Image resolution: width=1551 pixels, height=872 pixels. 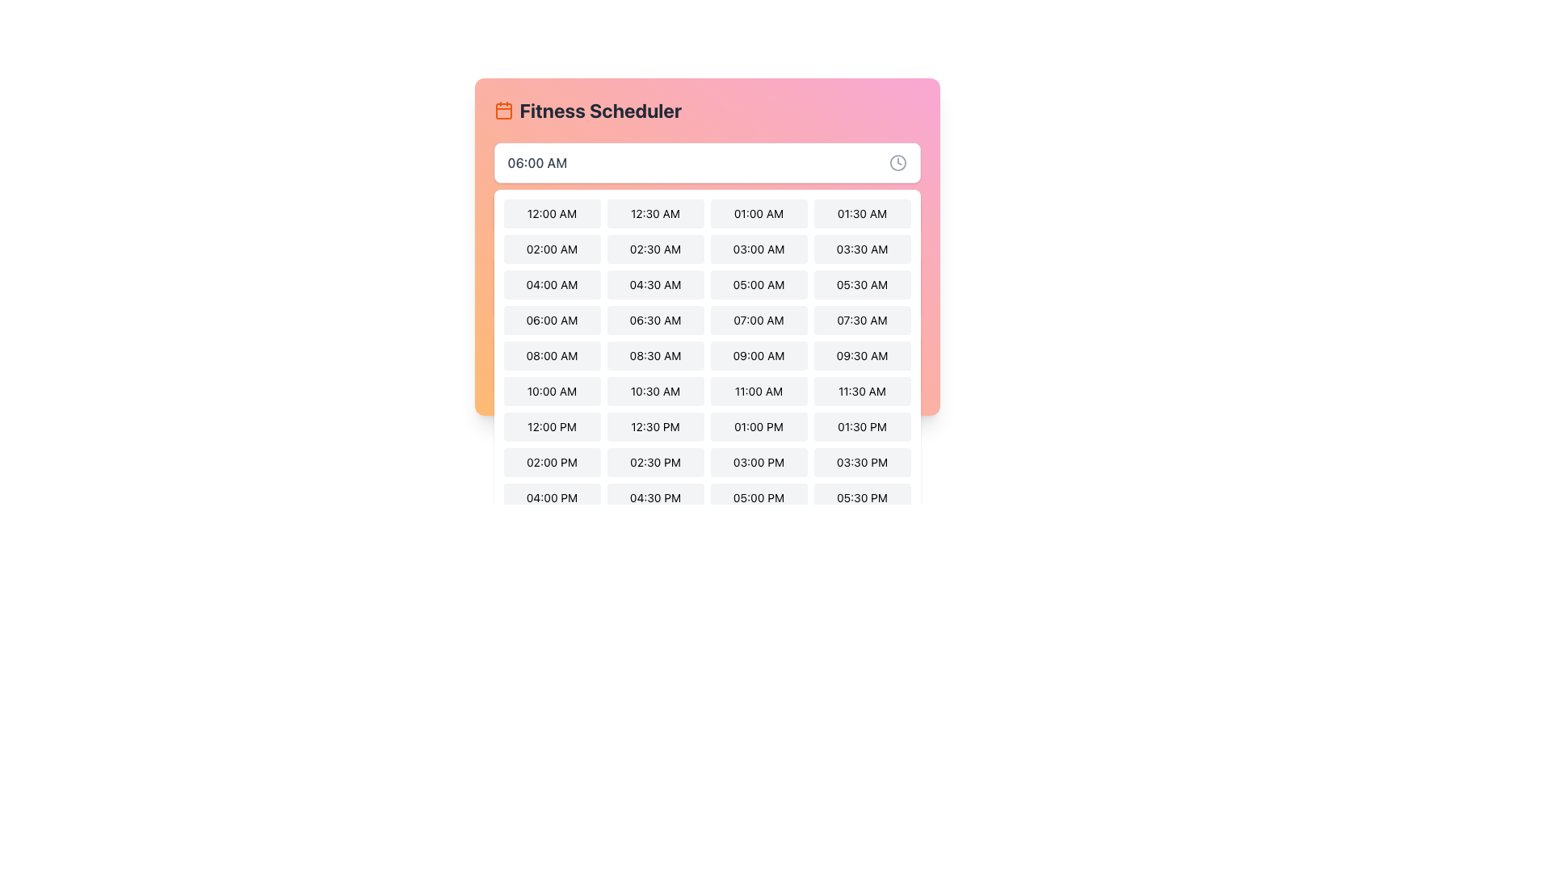 What do you see at coordinates (861, 497) in the screenshot?
I see `the button in the 4th column of the 9th row` at bounding box center [861, 497].